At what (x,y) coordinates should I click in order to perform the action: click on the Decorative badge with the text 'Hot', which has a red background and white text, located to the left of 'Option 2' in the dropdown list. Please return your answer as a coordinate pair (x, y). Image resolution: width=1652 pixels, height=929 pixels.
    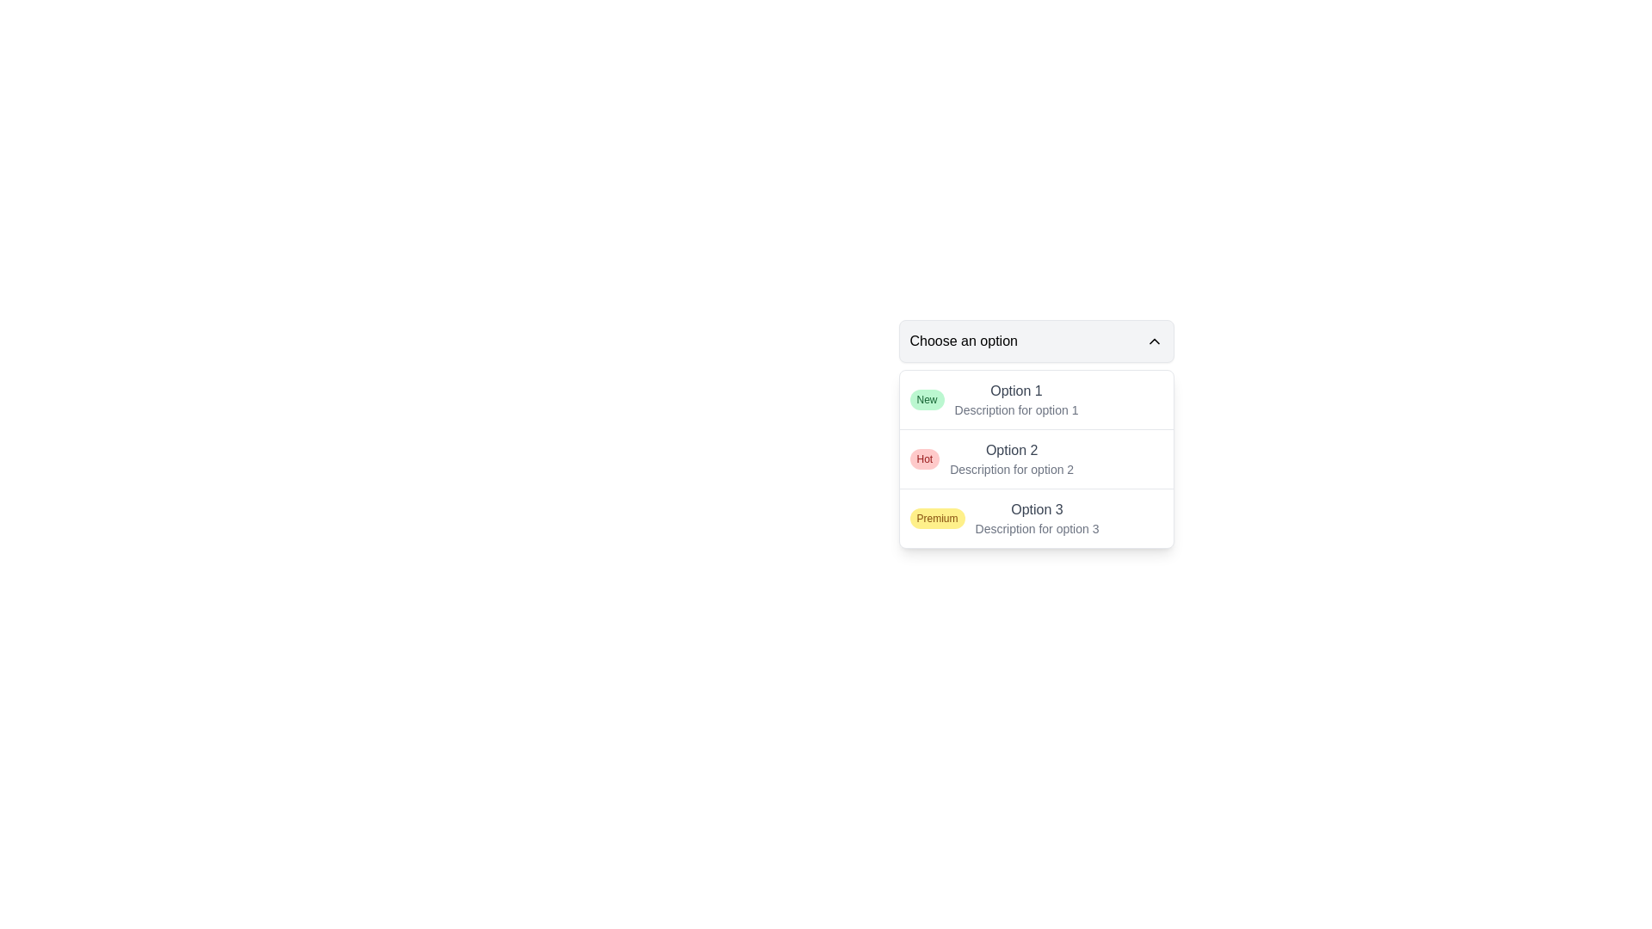
    Looking at the image, I should click on (923, 458).